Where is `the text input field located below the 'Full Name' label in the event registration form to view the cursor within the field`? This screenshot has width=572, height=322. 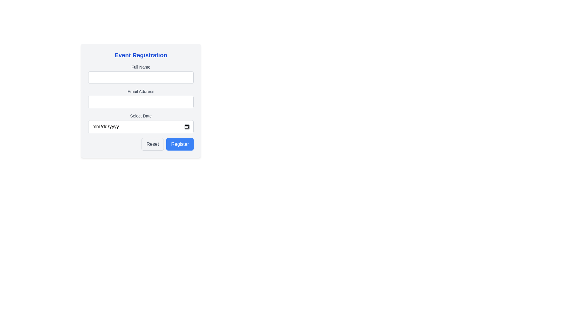 the text input field located below the 'Full Name' label in the event registration form to view the cursor within the field is located at coordinates (141, 77).